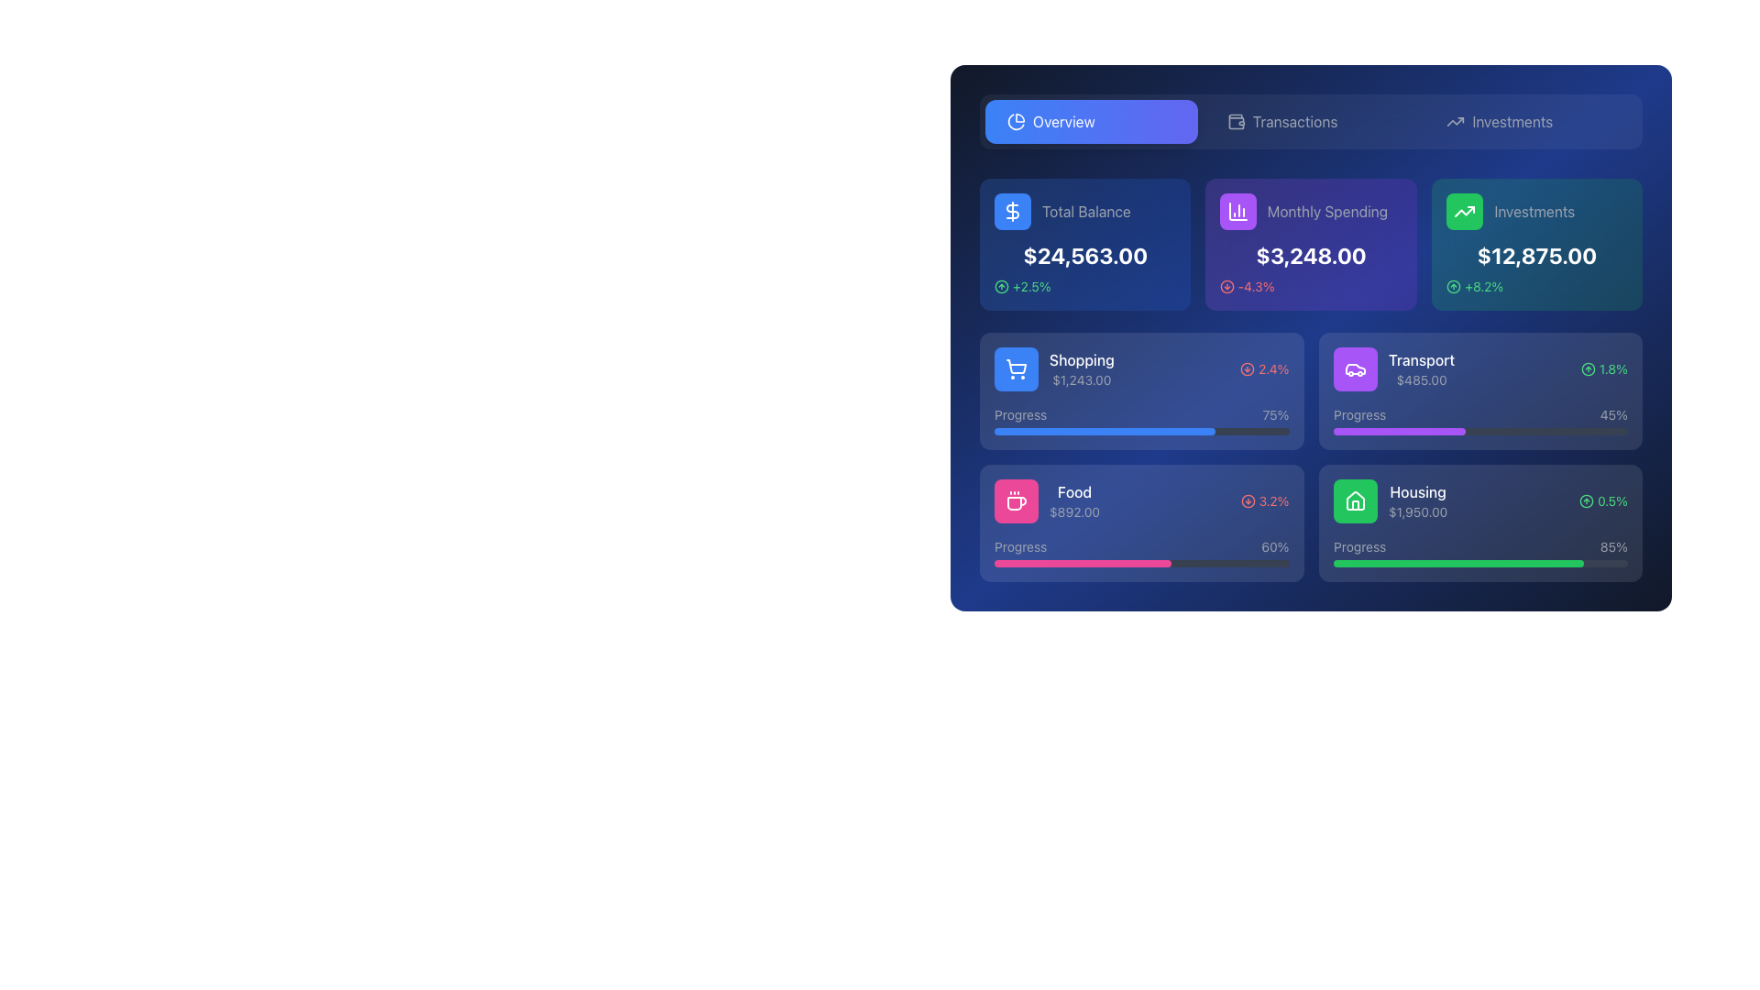  Describe the element at coordinates (1611, 501) in the screenshot. I see `the static text component displaying '0.5%' in green color located in the bottom-right card labeled 'Housing', positioned near the upper-right corner adjacent to a circular icon with an upward arrow` at that location.